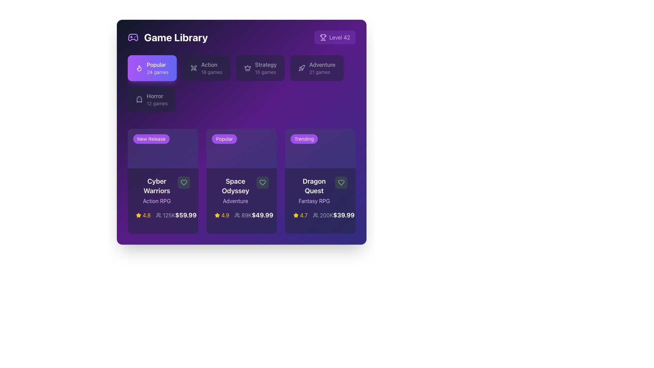 This screenshot has width=654, height=368. I want to click on the rocket-shaped outline icon labeled 'Adventure' located in the top section of the menu interface, so click(301, 68).